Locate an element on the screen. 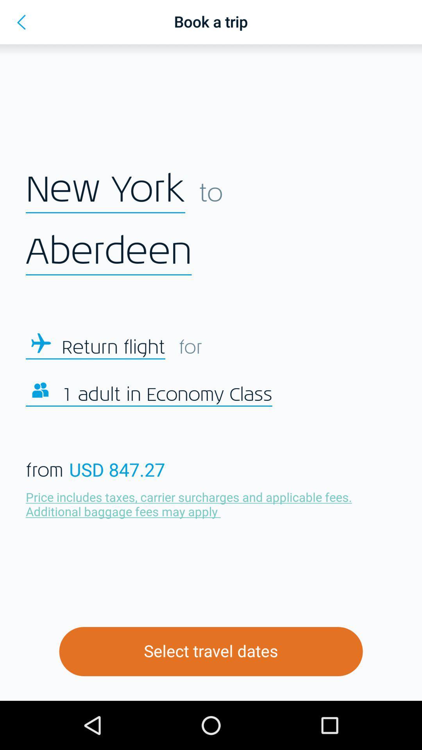 The image size is (422, 750). icon above select travel dates is located at coordinates (191, 504).